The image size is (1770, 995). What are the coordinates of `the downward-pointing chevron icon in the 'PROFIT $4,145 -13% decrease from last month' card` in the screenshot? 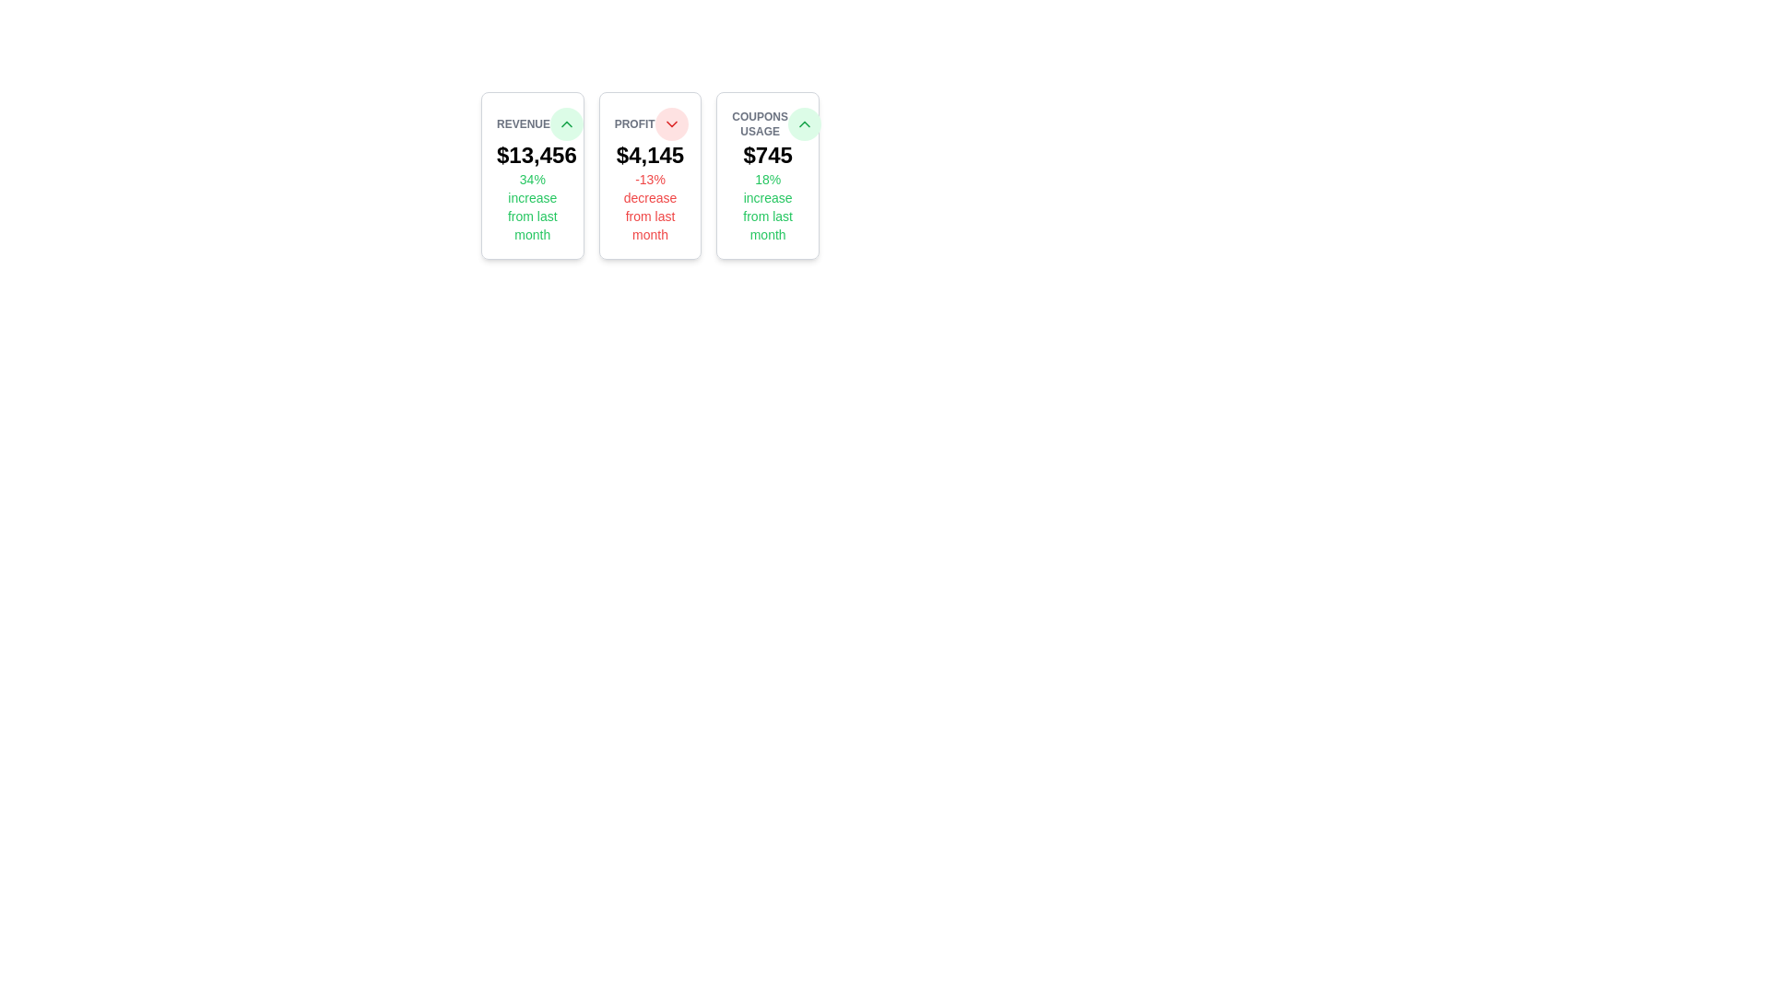 It's located at (670, 124).